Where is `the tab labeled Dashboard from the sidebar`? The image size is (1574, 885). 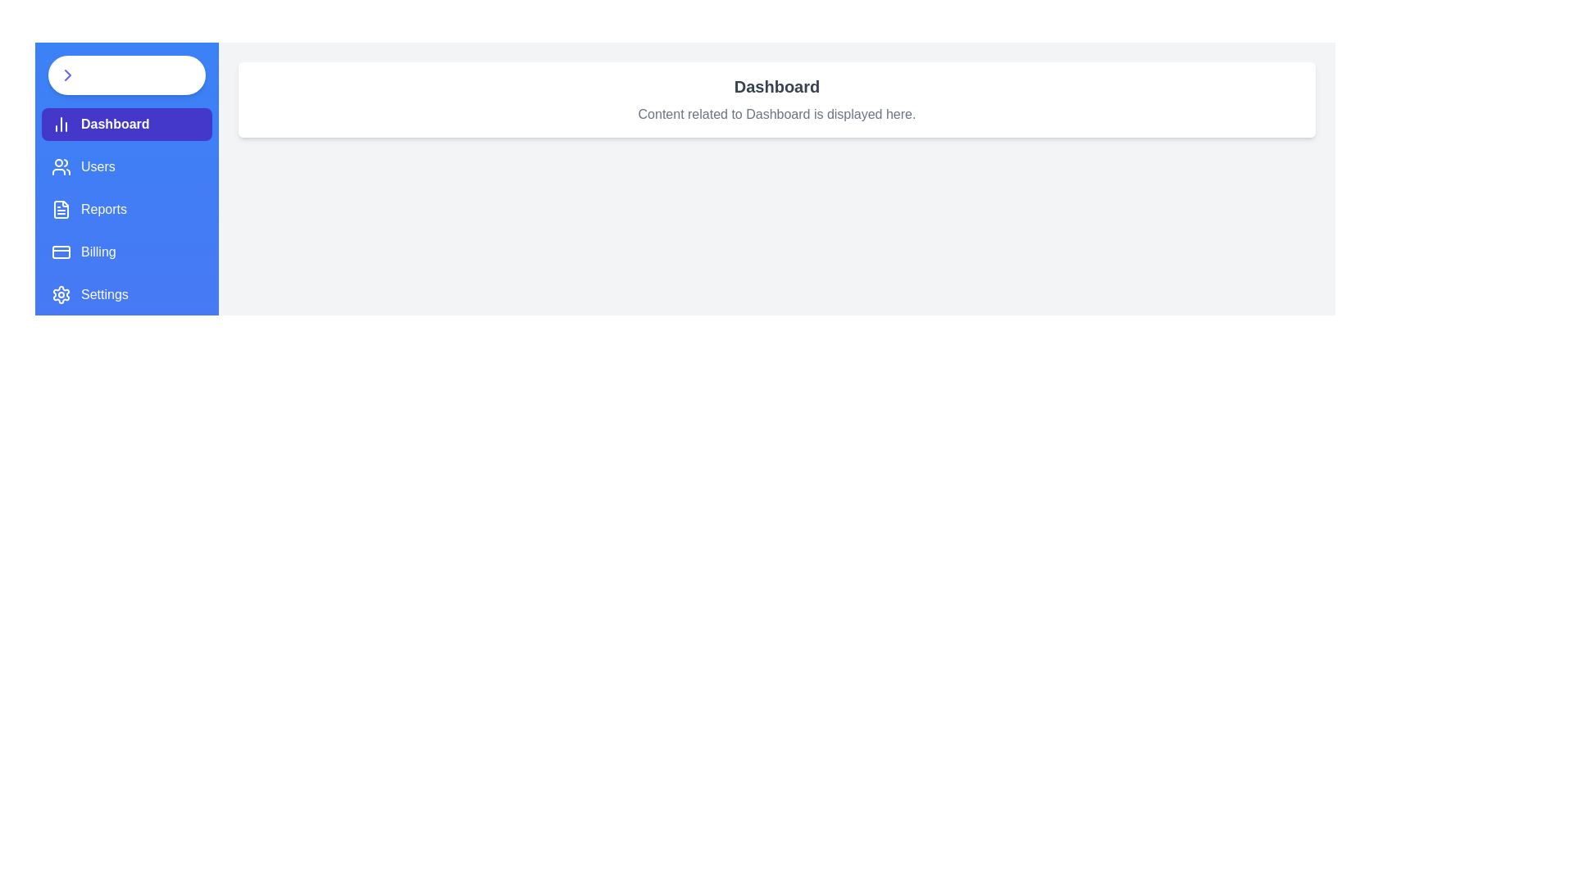 the tab labeled Dashboard from the sidebar is located at coordinates (125, 123).